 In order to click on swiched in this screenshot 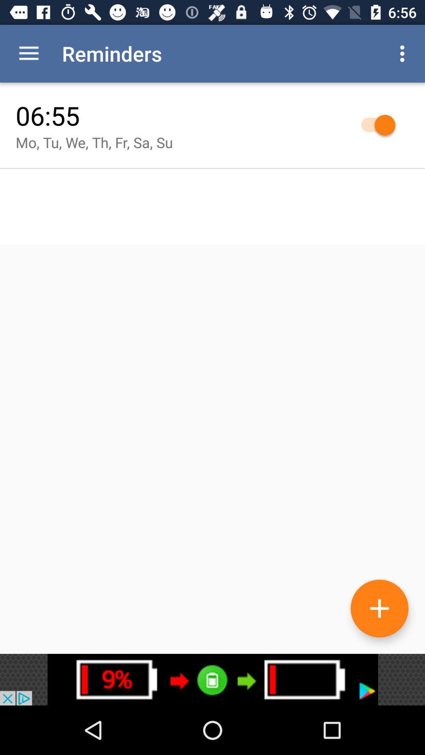, I will do `click(374, 124)`.